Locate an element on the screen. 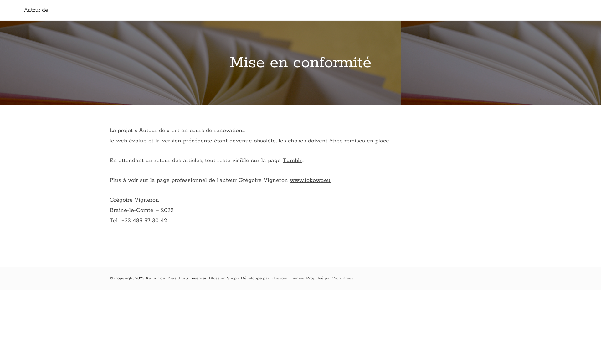 The height and width of the screenshot is (338, 601). 'Autour de' is located at coordinates (24, 10).